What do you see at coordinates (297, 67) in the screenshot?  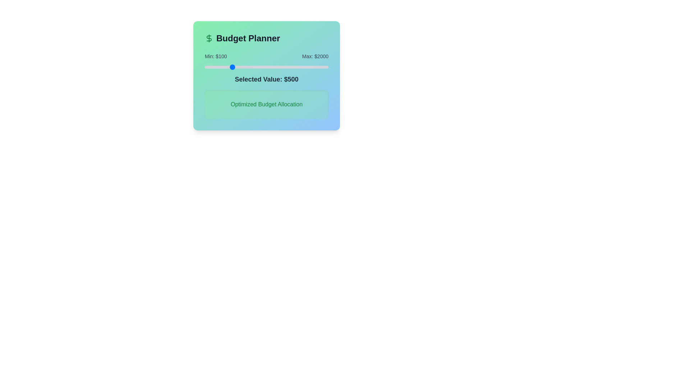 I see `the slider value to 1521` at bounding box center [297, 67].